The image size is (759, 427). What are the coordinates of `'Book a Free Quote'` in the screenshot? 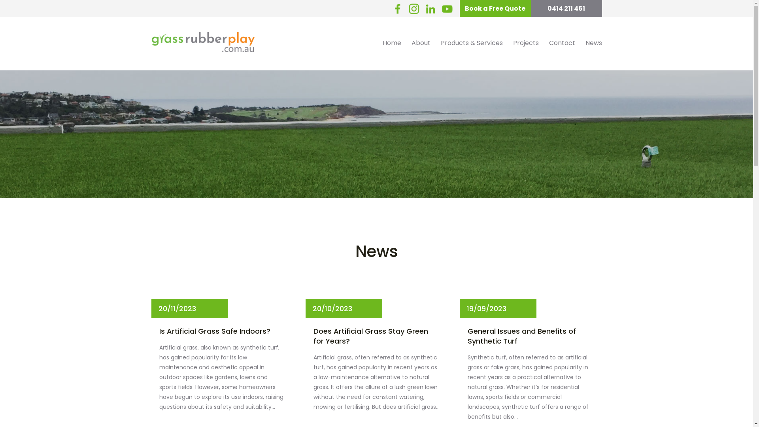 It's located at (459, 8).